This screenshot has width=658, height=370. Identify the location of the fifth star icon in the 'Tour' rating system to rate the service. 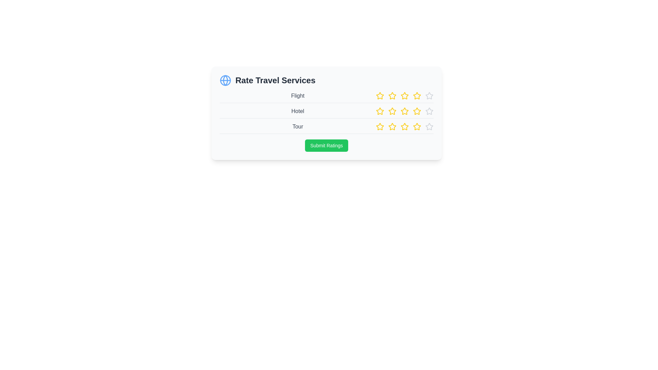
(429, 127).